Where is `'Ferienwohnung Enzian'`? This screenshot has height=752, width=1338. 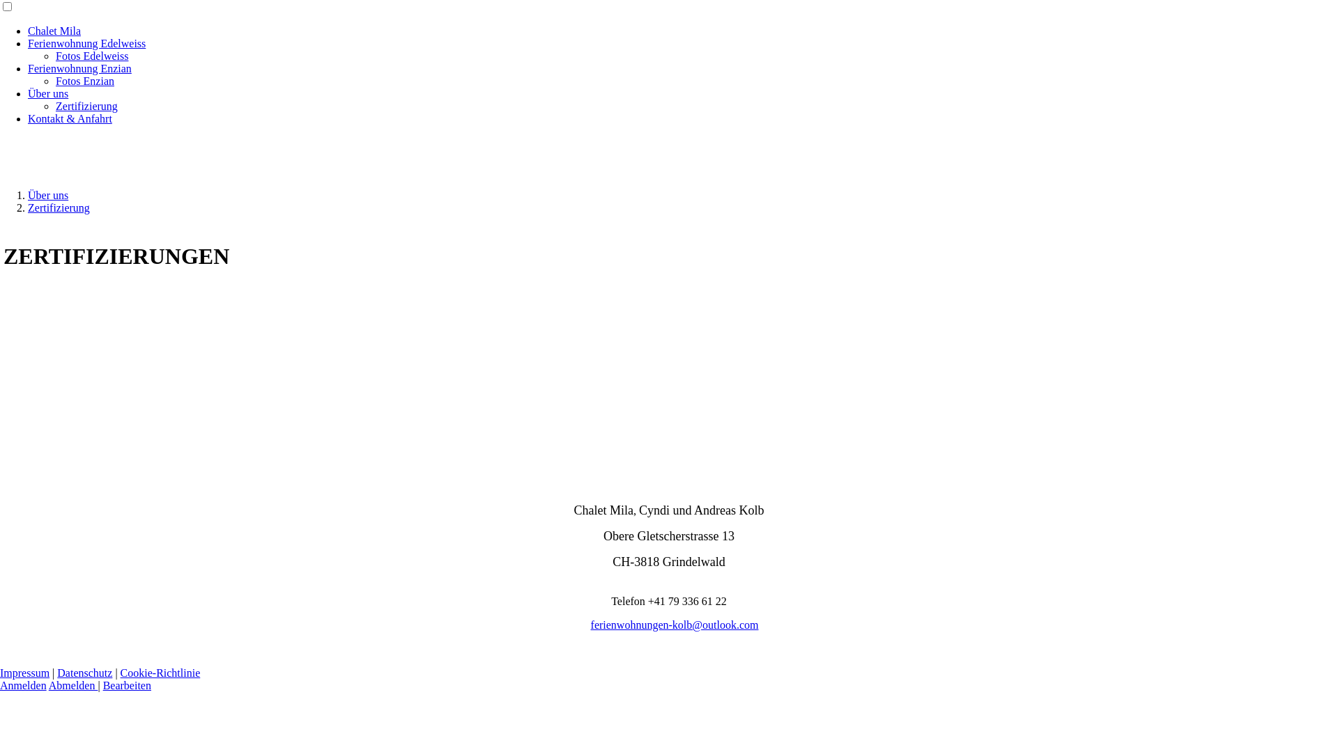 'Ferienwohnung Enzian' is located at coordinates (79, 68).